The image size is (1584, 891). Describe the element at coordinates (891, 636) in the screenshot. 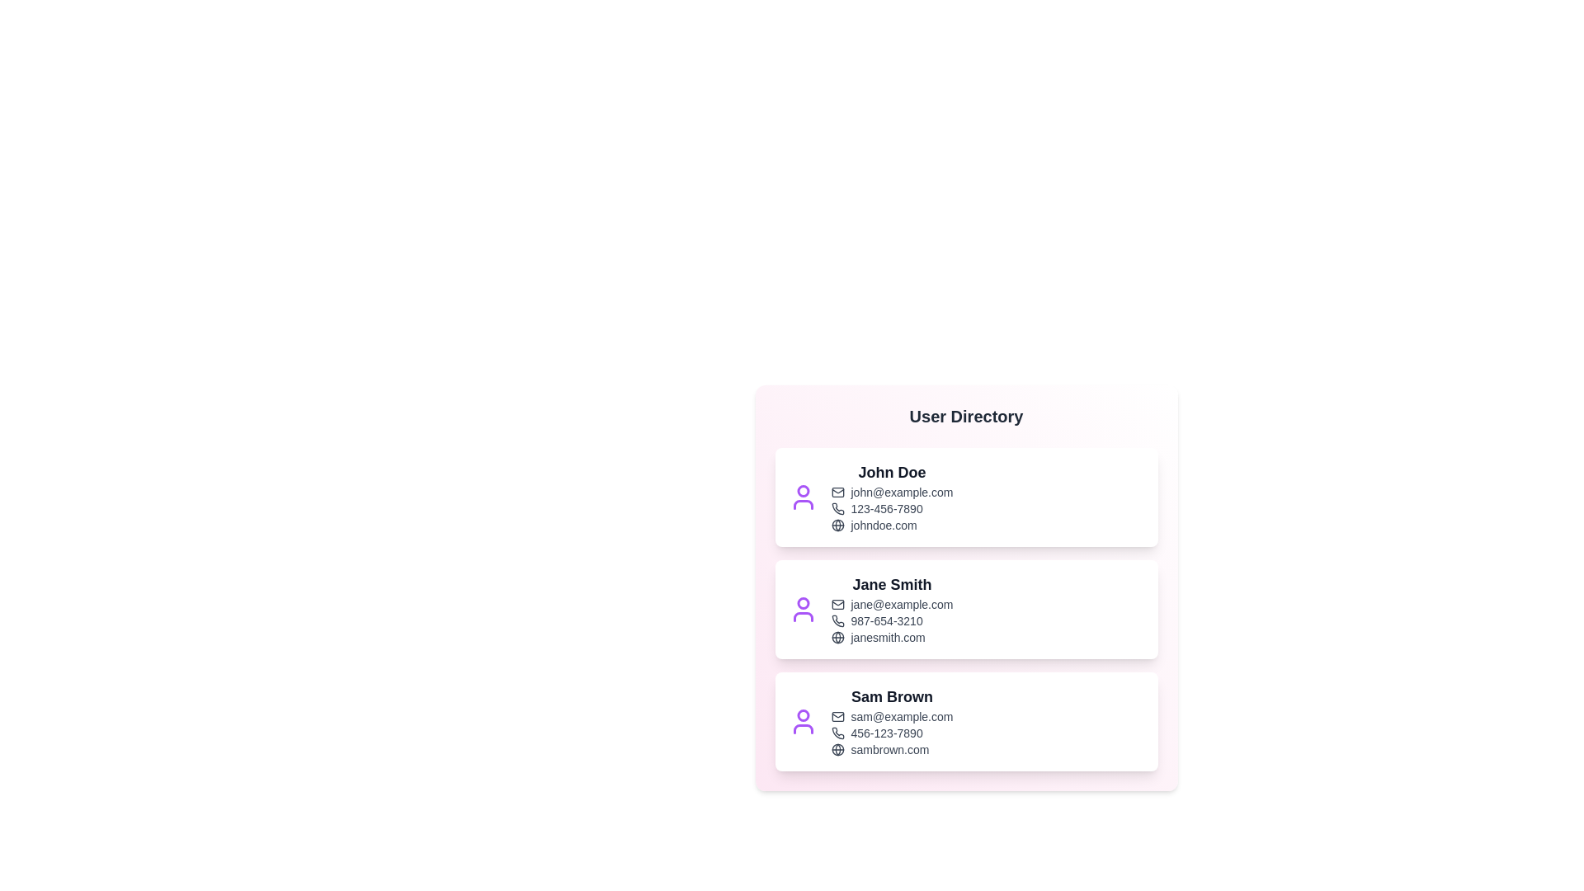

I see `the website link for Jane Smith` at that location.